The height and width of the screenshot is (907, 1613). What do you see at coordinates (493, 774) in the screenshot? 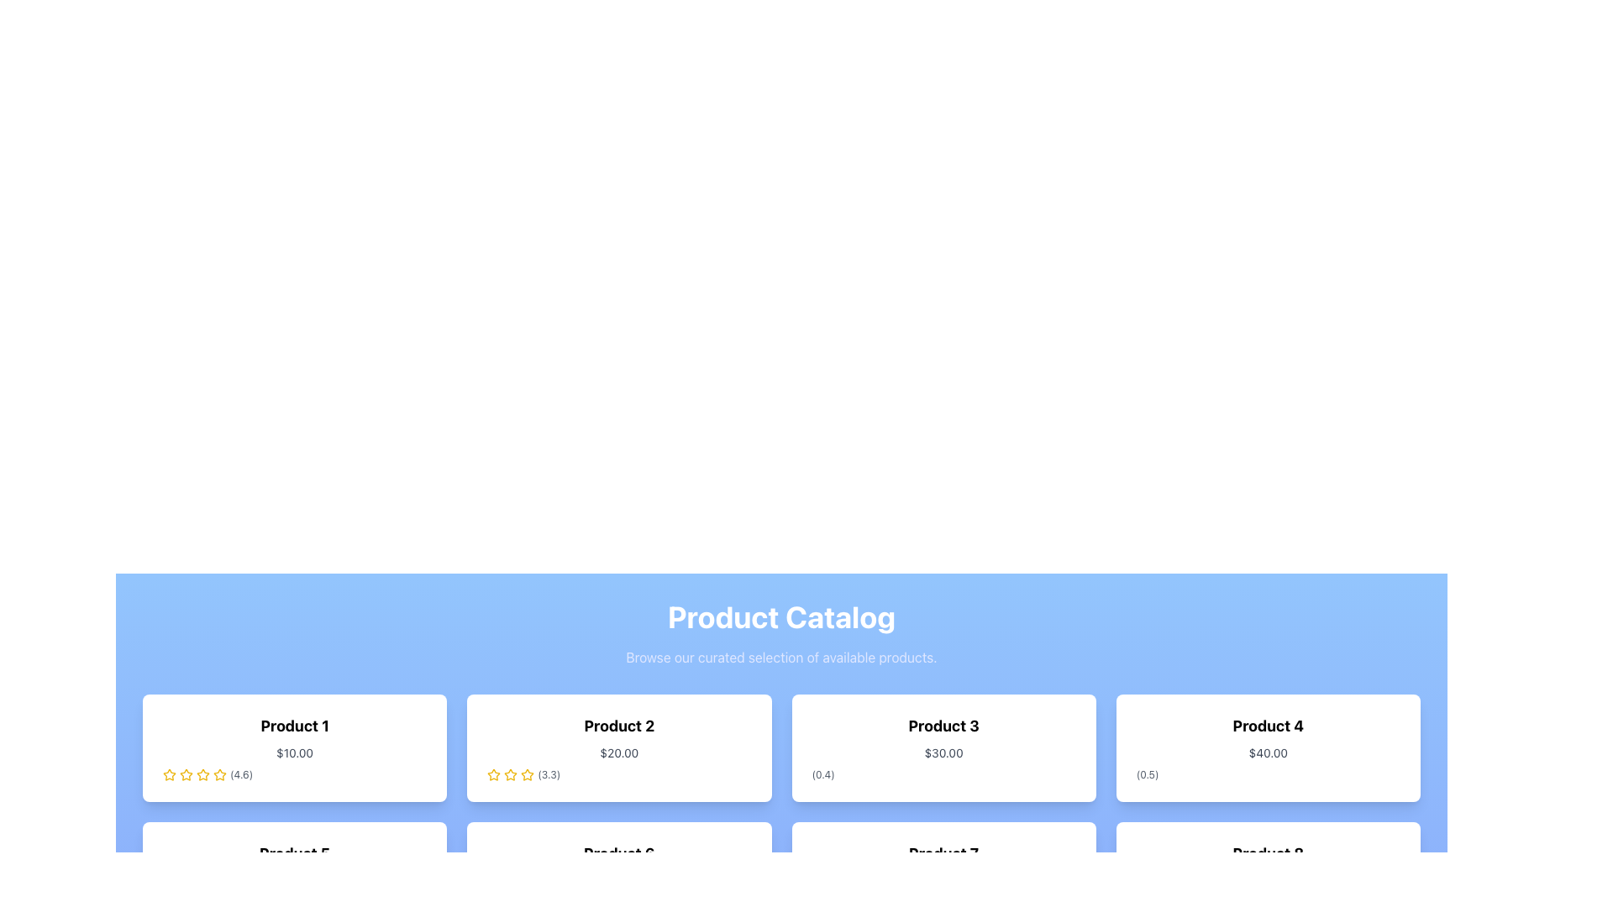
I see `the star icon with a yellow border and transparent center in the rating system for 'Product 2'` at bounding box center [493, 774].